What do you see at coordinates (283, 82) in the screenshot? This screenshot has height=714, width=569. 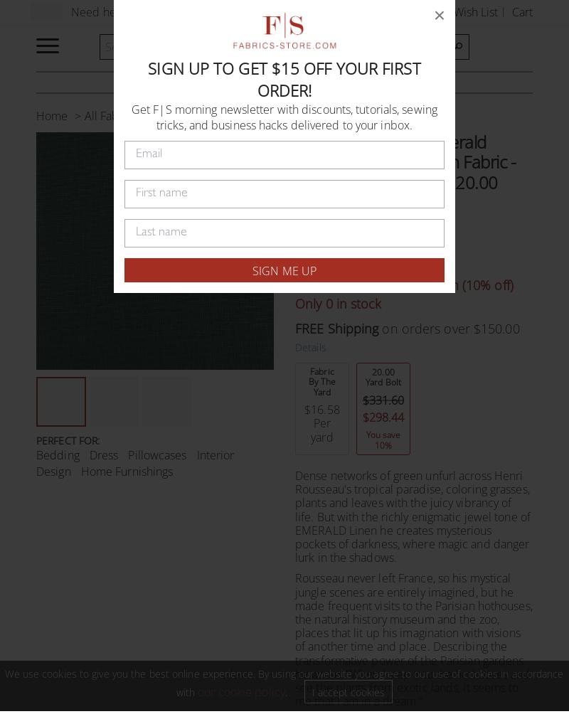 I see `'Our linen is nothing short of addicting'` at bounding box center [283, 82].